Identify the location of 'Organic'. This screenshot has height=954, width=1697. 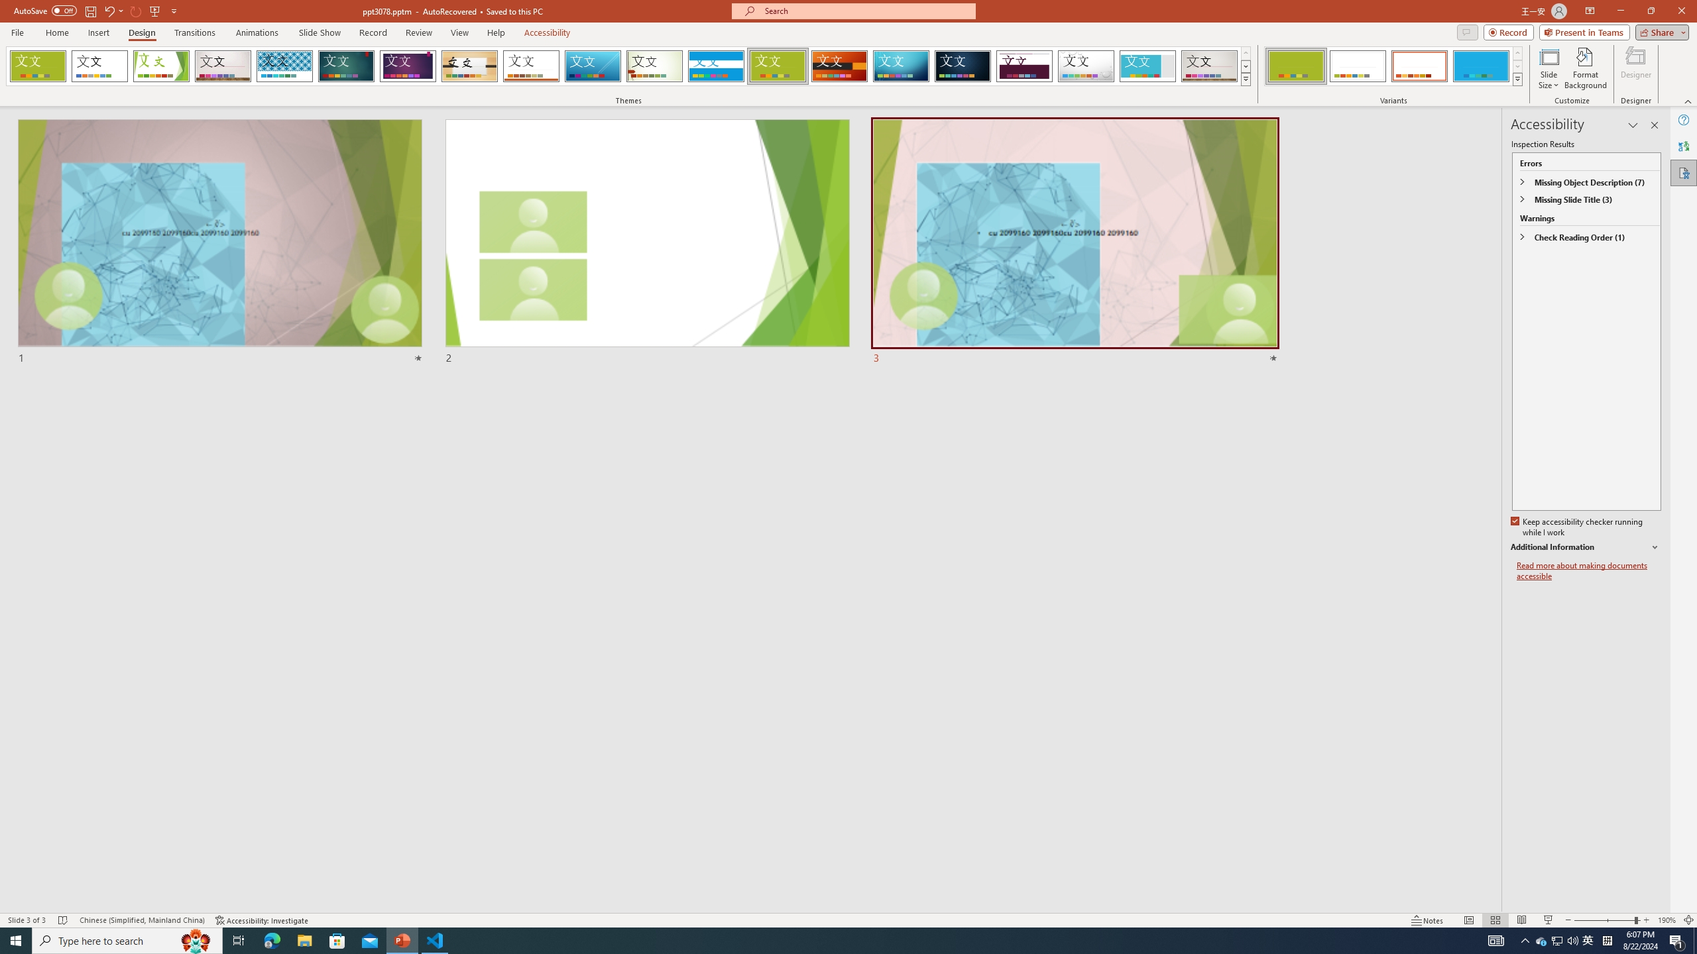
(470, 66).